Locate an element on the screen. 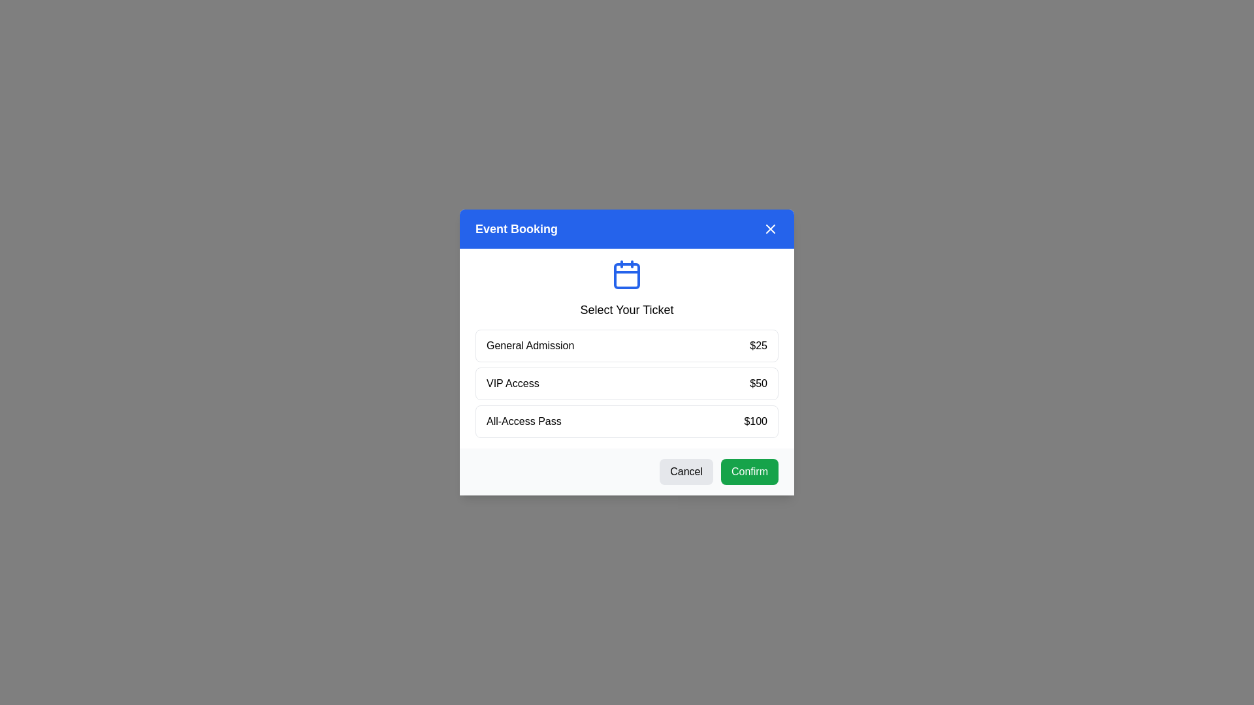 This screenshot has width=1254, height=705. the text label 'Select Your Ticket' located in the upper-middle portion of the event booking panel, which is positioned just below the calendar icon and above the ticket list section is located at coordinates (627, 309).